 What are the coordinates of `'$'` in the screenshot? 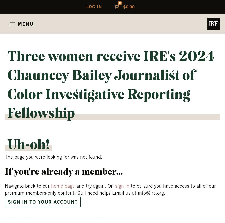 It's located at (124, 7).